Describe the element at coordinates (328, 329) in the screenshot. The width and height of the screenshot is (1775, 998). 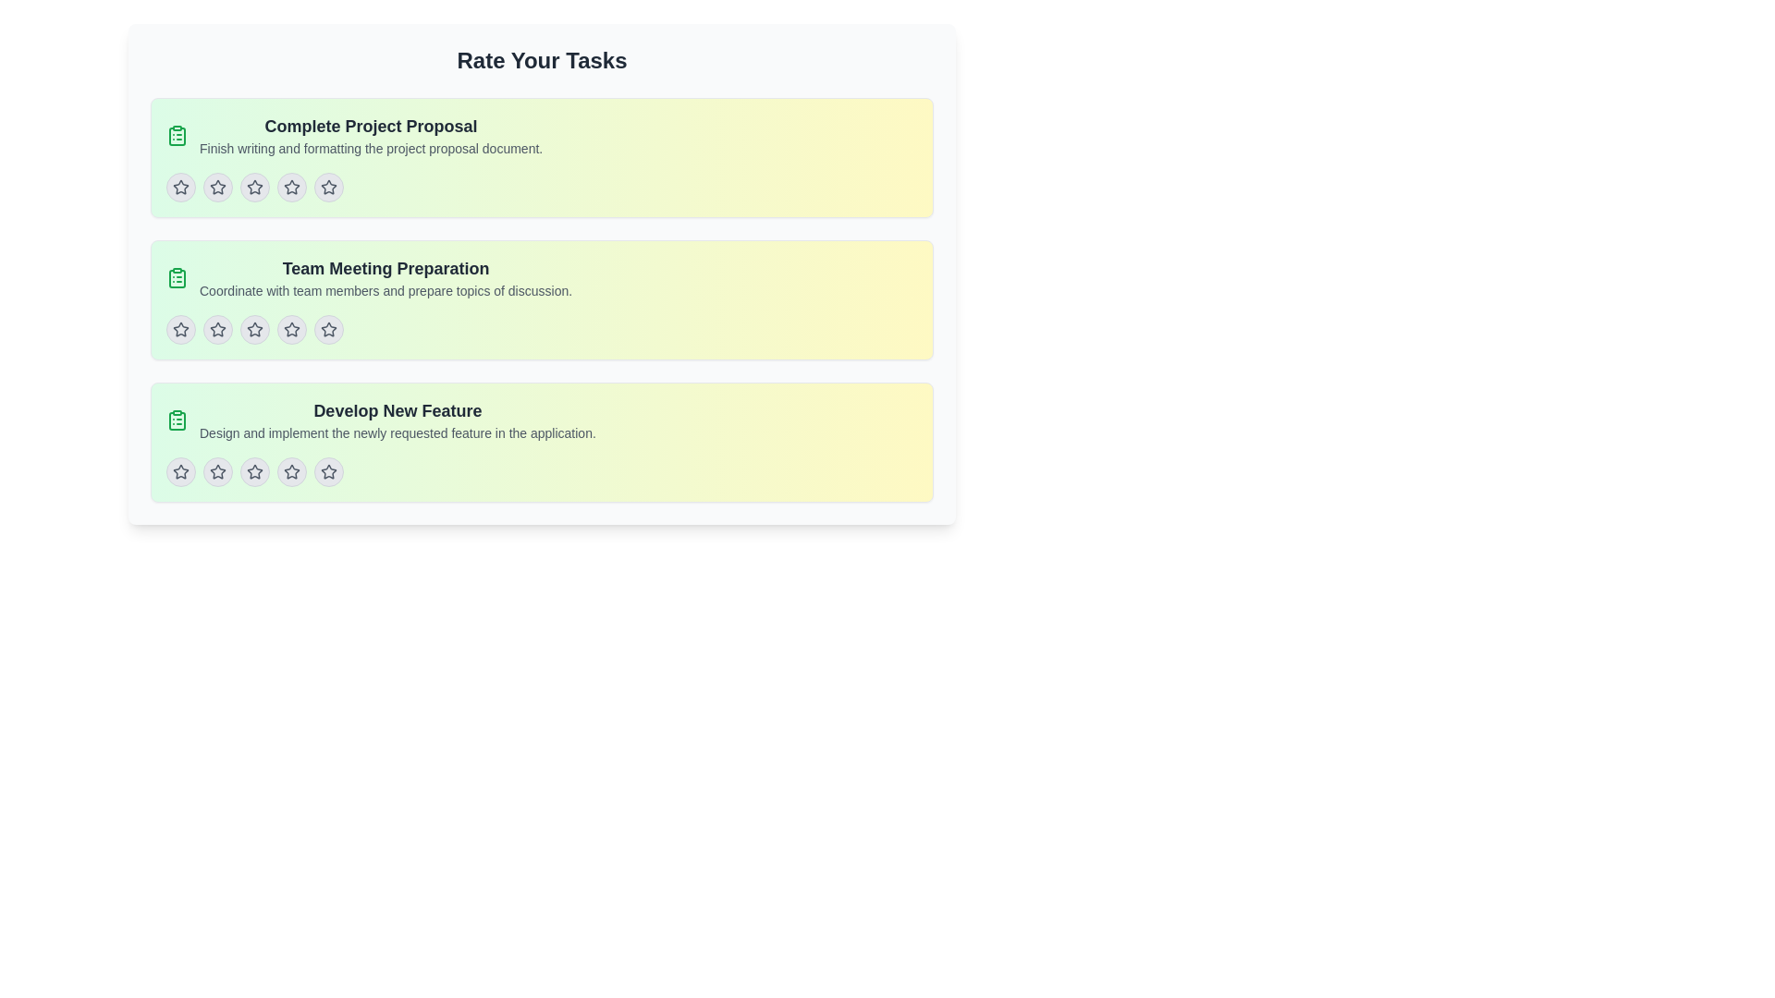
I see `the star-shaped icon representing the rating feature in the 'Team Meeting Preparation' task section, which is the fourth star icon from the left in the rating row` at that location.